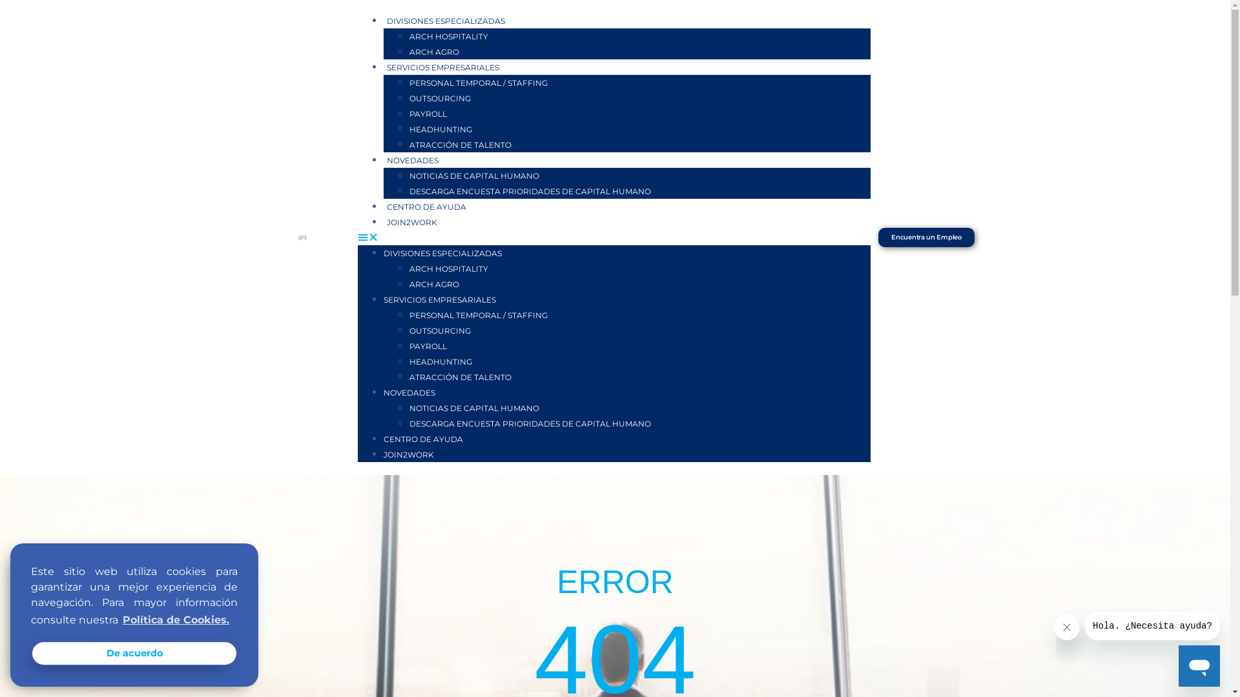 This screenshot has height=697, width=1240. Describe the element at coordinates (440, 330) in the screenshot. I see `'OUTSOURCING'` at that location.